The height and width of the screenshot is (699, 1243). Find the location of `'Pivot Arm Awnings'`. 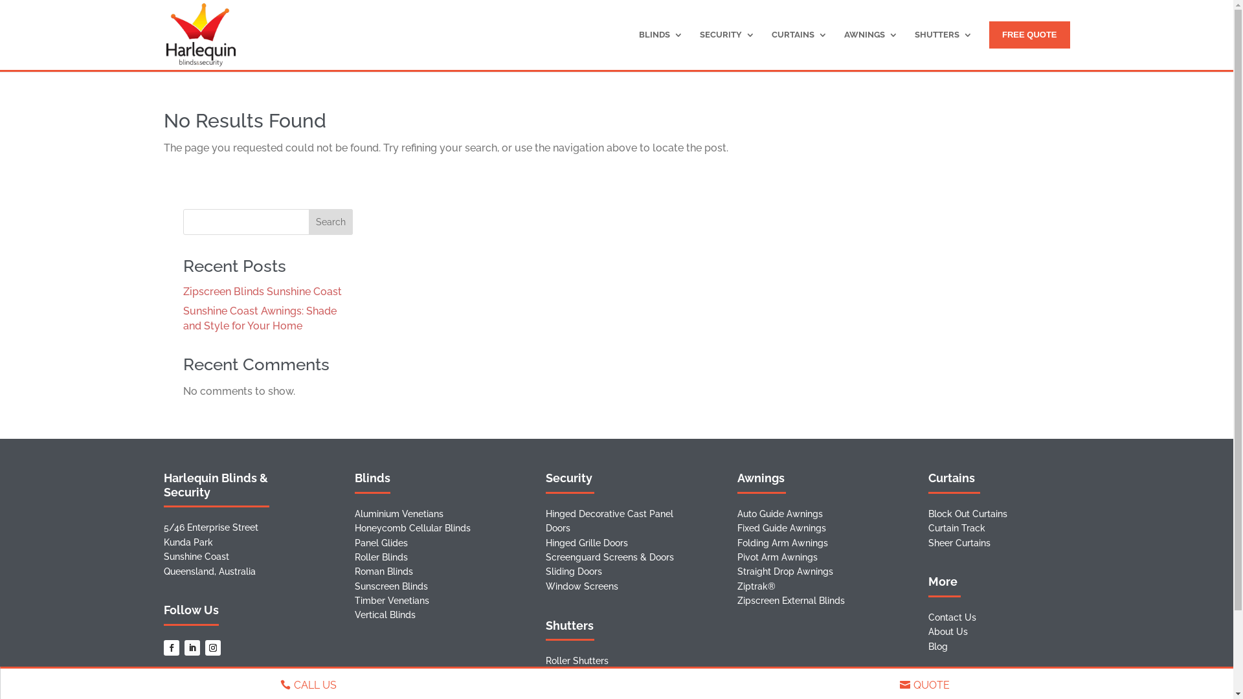

'Pivot Arm Awnings' is located at coordinates (777, 556).